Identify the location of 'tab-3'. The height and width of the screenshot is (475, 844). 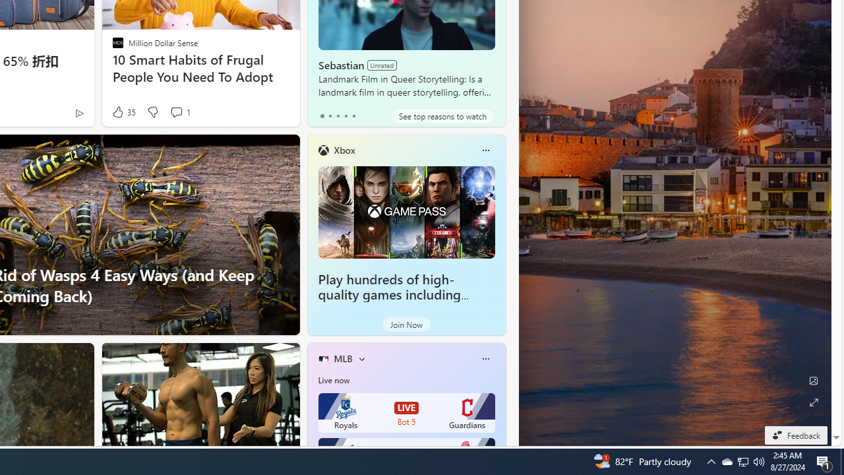
(346, 115).